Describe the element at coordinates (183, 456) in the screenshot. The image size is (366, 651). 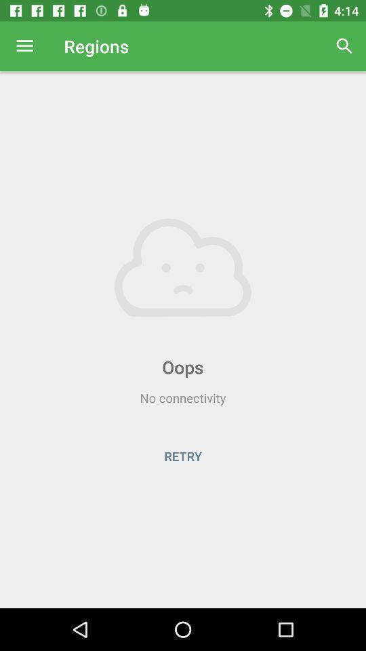
I see `the icon below the no connectivity` at that location.